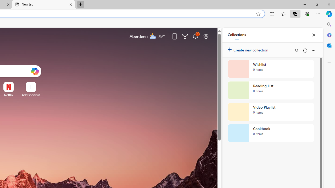 Image resolution: width=335 pixels, height=188 pixels. What do you see at coordinates (30, 95) in the screenshot?
I see `'Add a site'` at bounding box center [30, 95].